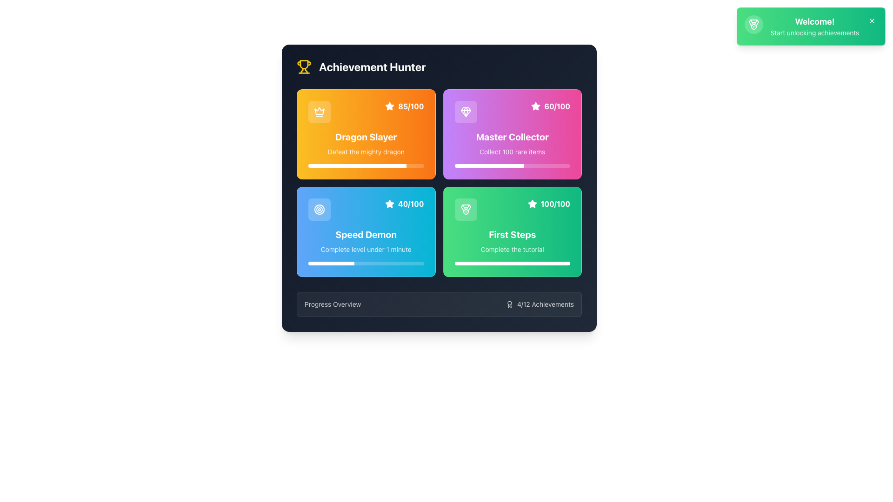 This screenshot has height=502, width=893. What do you see at coordinates (814, 32) in the screenshot?
I see `text label that says 'Start unlocking achievements' within the green notification card, located below the 'Welcome!' heading` at bounding box center [814, 32].